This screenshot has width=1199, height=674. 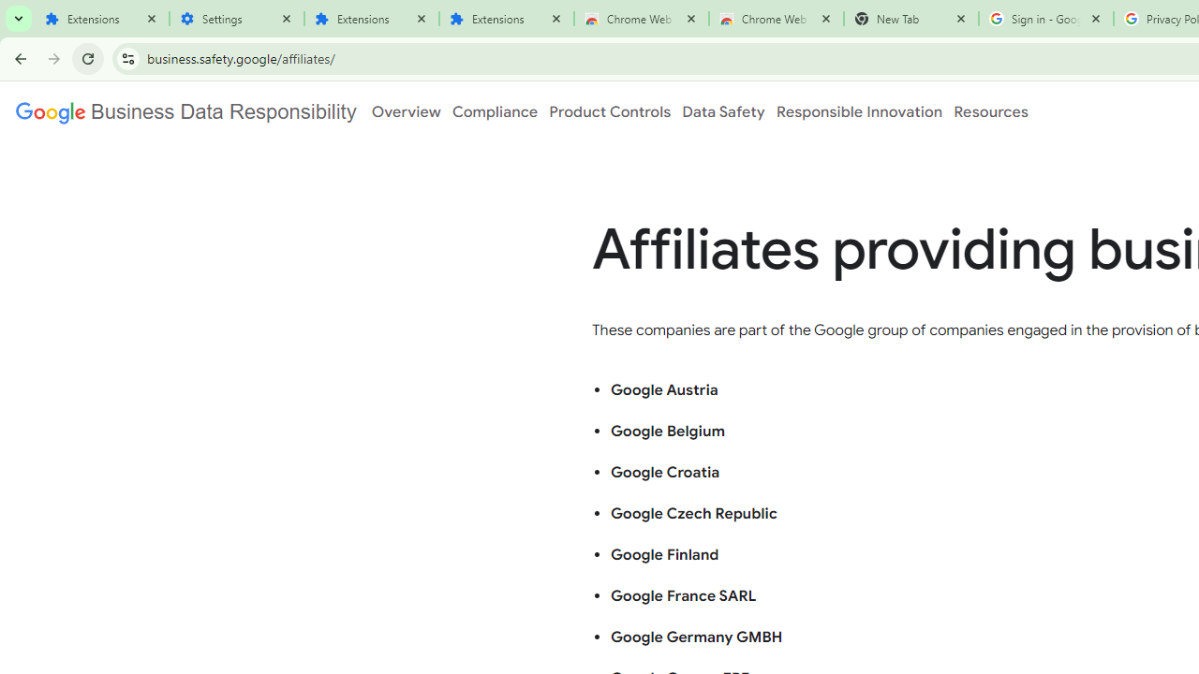 What do you see at coordinates (990, 111) in the screenshot?
I see `'Resources'` at bounding box center [990, 111].